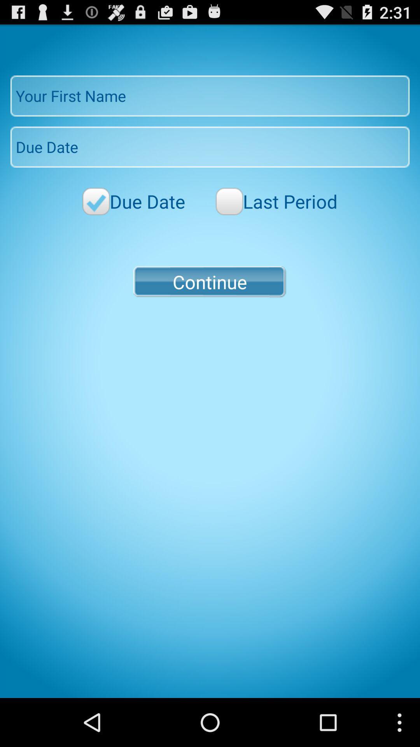 The height and width of the screenshot is (747, 420). What do you see at coordinates (209, 281) in the screenshot?
I see `the item below due date radio button` at bounding box center [209, 281].